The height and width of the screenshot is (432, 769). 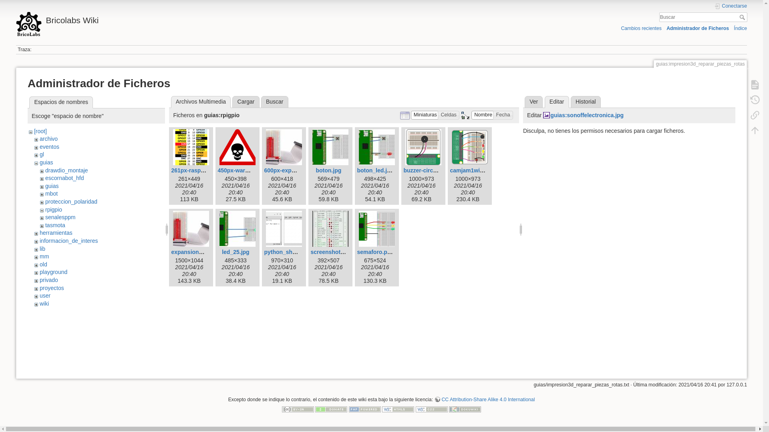 I want to click on 'expansion_raspi.jpg', so click(x=198, y=251).